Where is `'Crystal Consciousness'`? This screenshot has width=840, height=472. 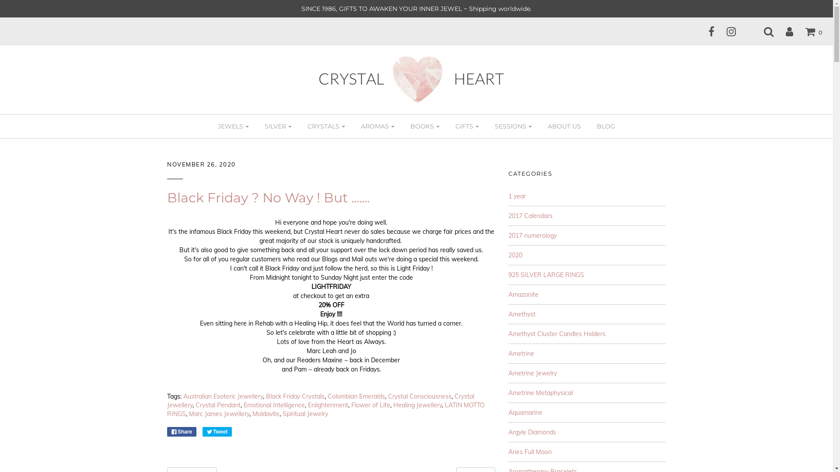 'Crystal Consciousness' is located at coordinates (419, 396).